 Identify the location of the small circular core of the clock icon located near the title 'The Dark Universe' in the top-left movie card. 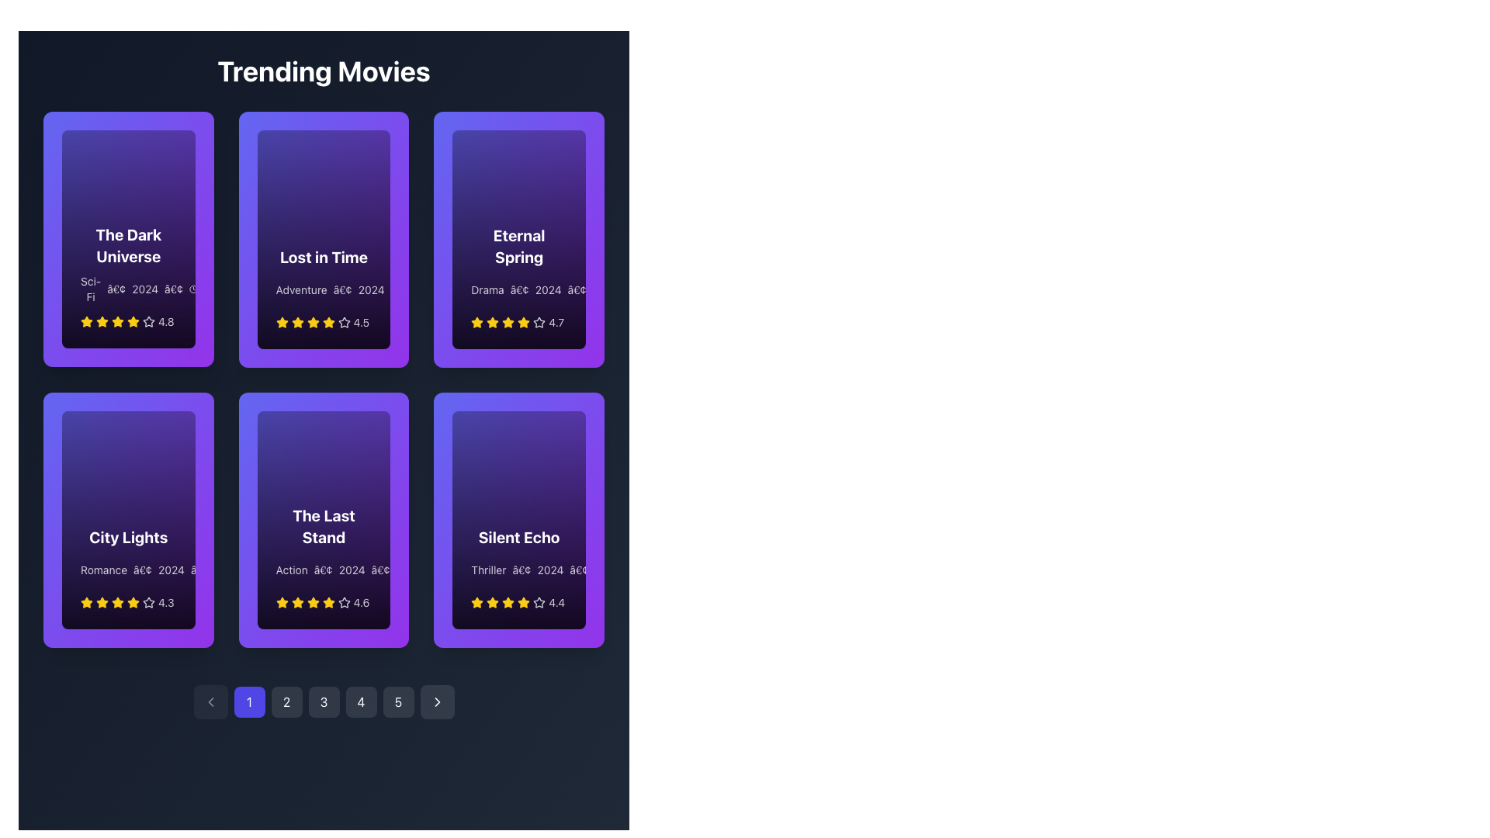
(192, 289).